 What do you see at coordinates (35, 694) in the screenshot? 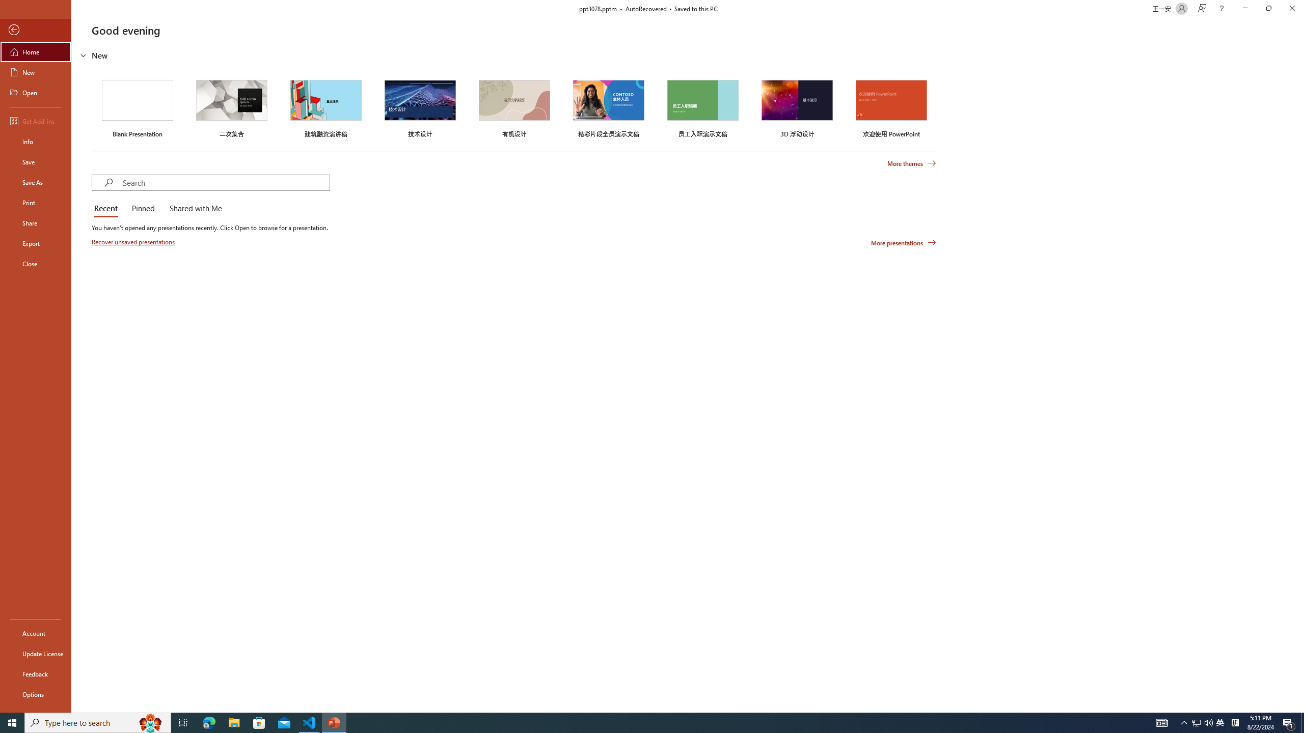
I see `'Options'` at bounding box center [35, 694].